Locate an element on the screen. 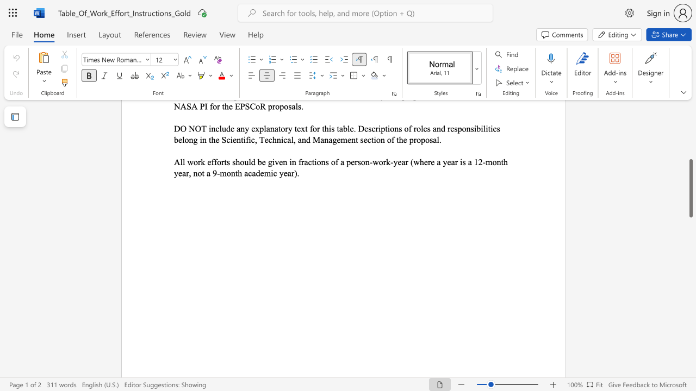 Image resolution: width=696 pixels, height=391 pixels. the scrollbar and move up 170 pixels is located at coordinates (690, 187).